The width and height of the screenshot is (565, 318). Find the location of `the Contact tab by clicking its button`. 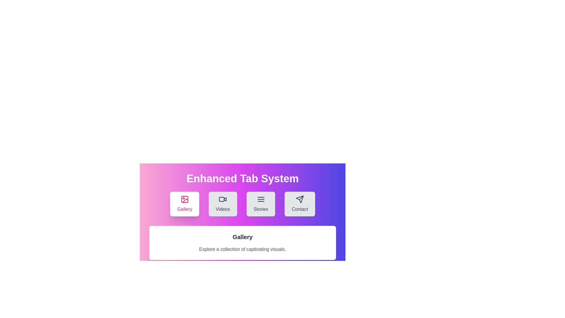

the Contact tab by clicking its button is located at coordinates (300, 204).